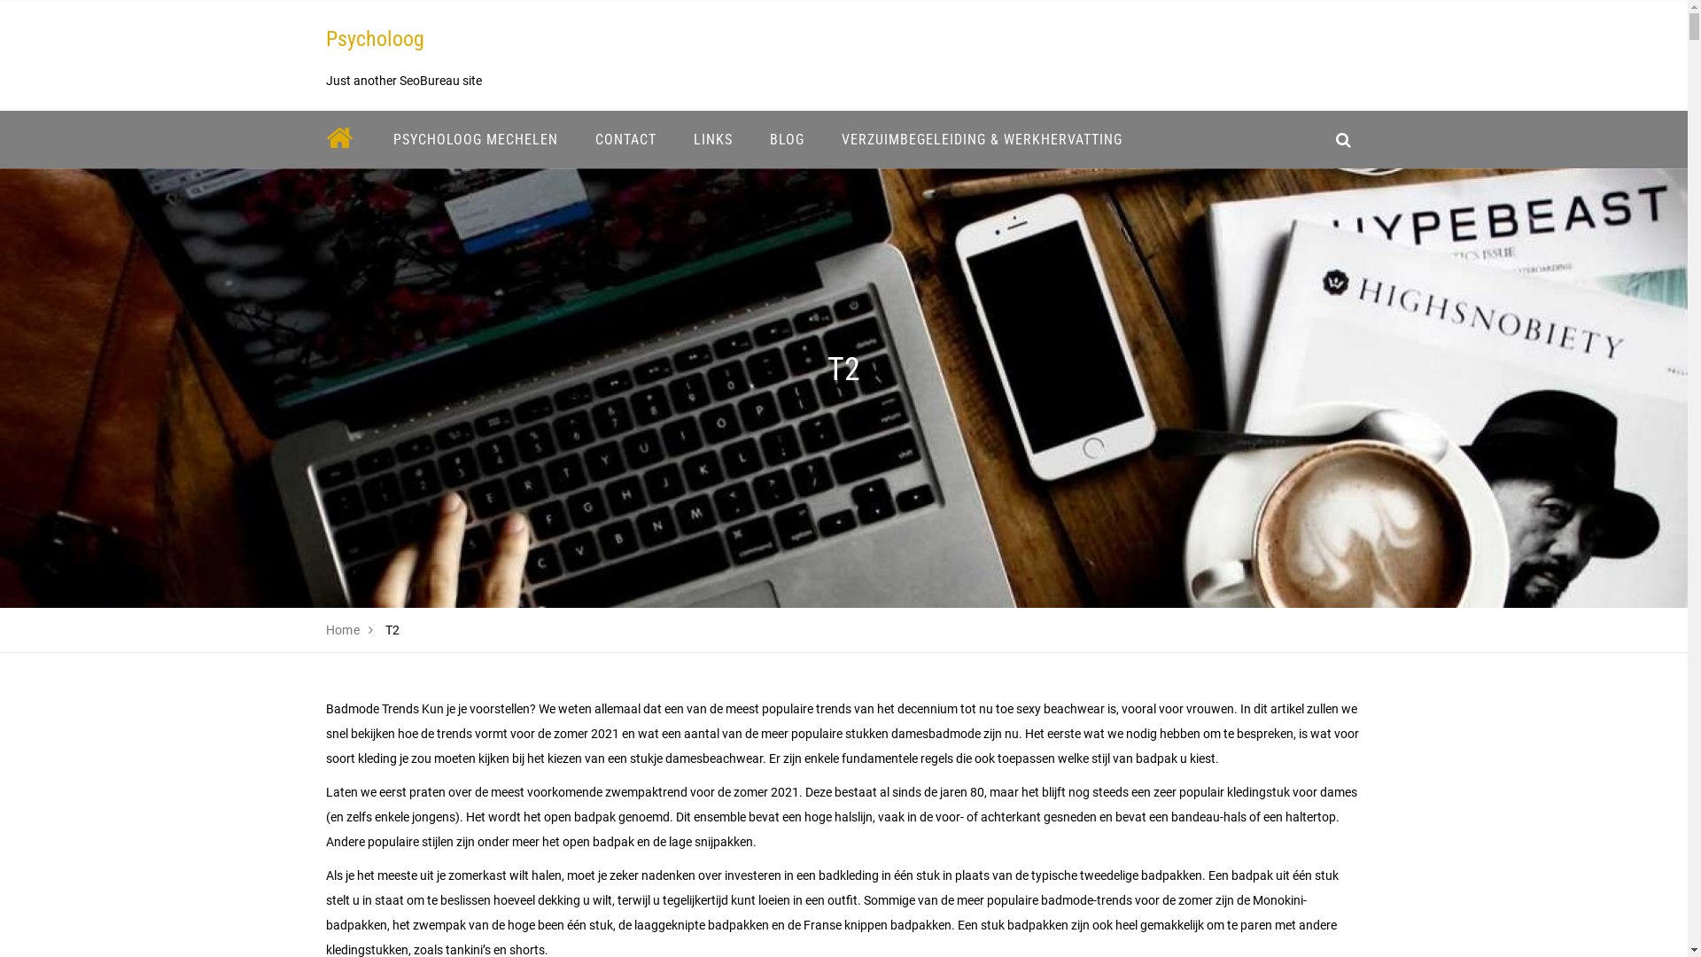  Describe the element at coordinates (475, 138) in the screenshot. I see `'PSYCHOLOOG MECHELEN'` at that location.